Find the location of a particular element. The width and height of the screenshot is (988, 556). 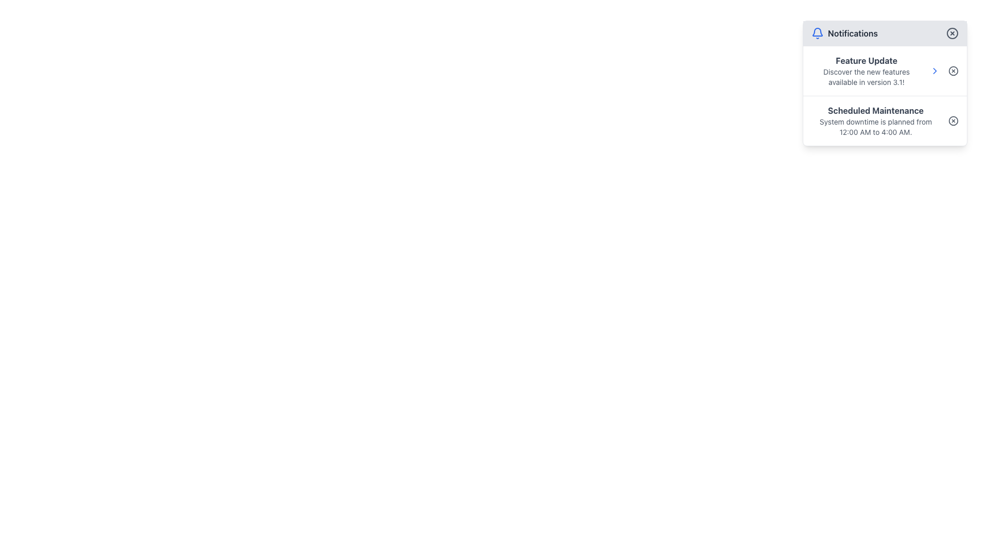

the Notification Item that informs users about the software update is located at coordinates (884, 71).